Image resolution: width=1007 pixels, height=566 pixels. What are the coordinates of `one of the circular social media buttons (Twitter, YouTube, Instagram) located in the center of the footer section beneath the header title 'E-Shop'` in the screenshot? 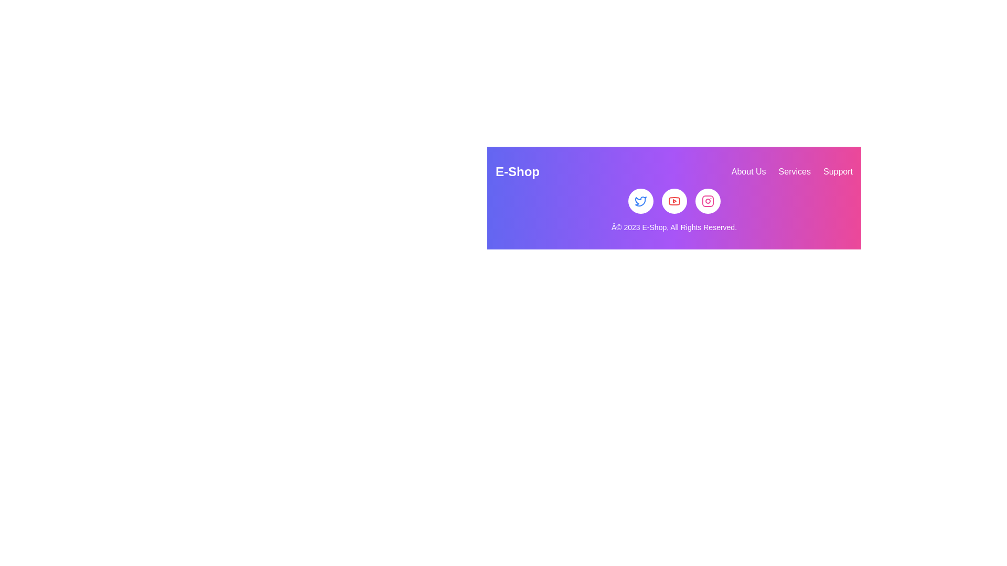 It's located at (674, 201).